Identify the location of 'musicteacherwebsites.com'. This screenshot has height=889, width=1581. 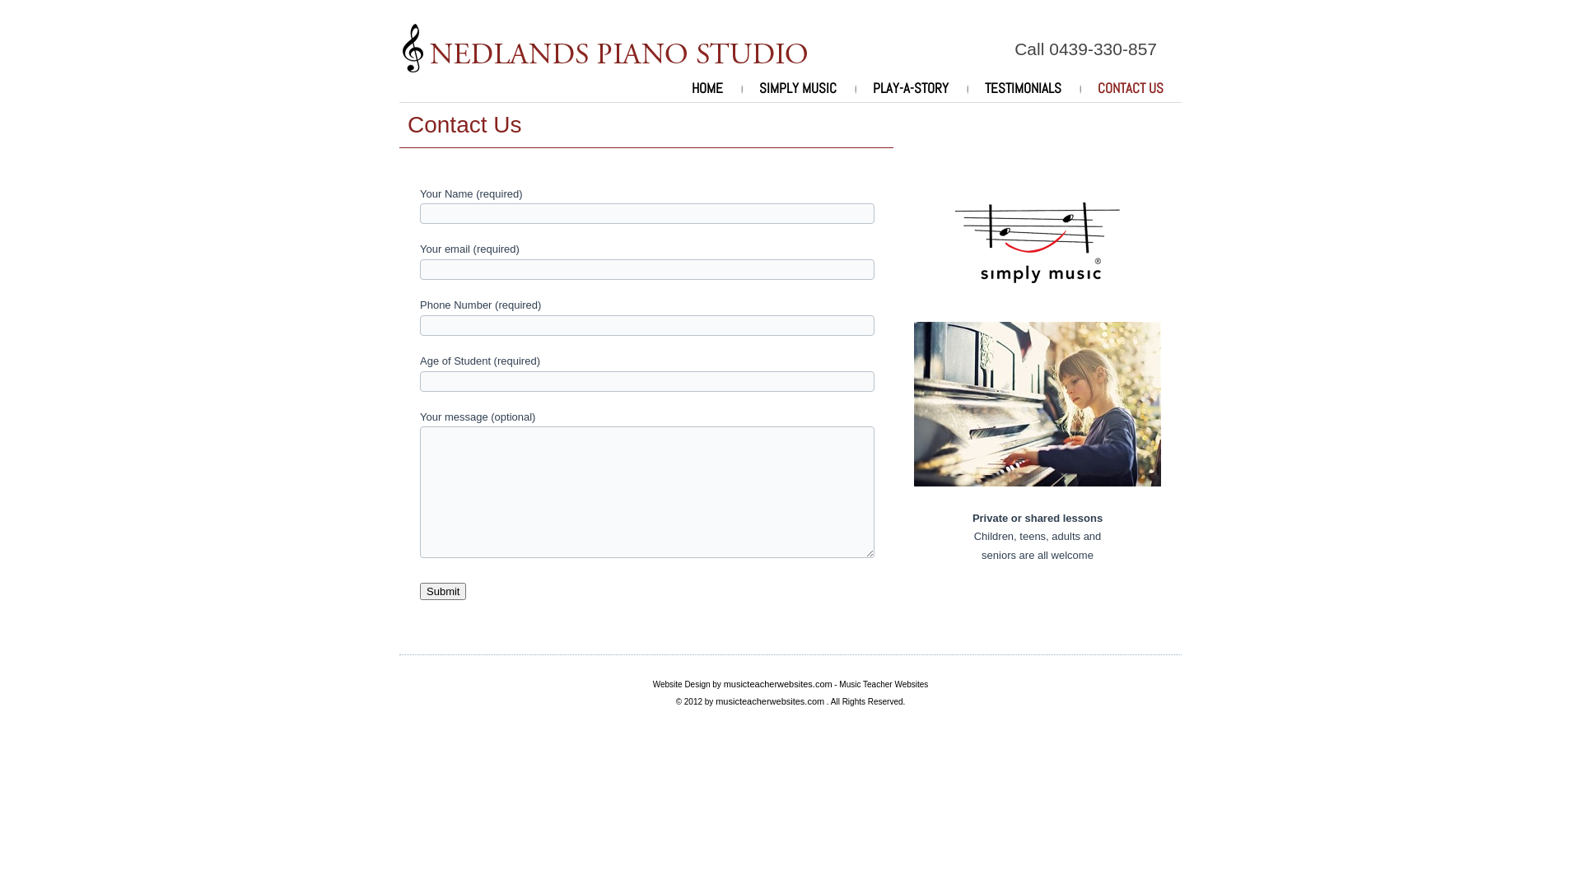
(777, 683).